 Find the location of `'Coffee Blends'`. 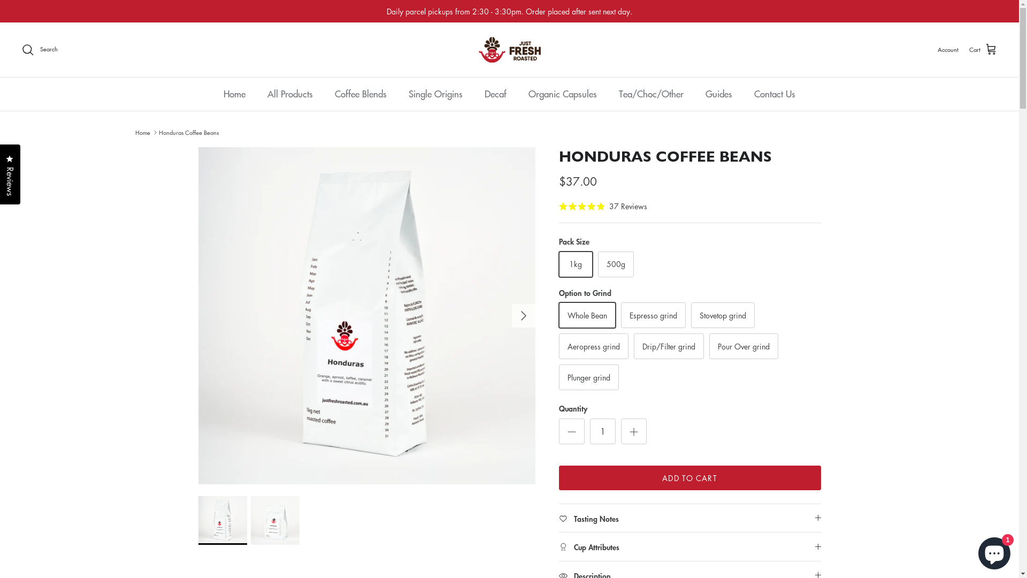

'Coffee Blends' is located at coordinates (325, 94).